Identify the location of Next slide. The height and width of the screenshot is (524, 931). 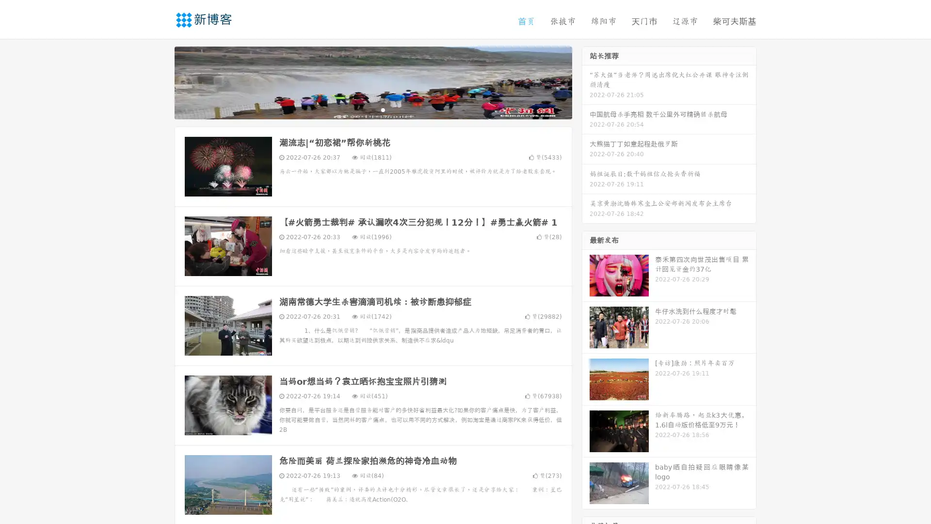
(586, 82).